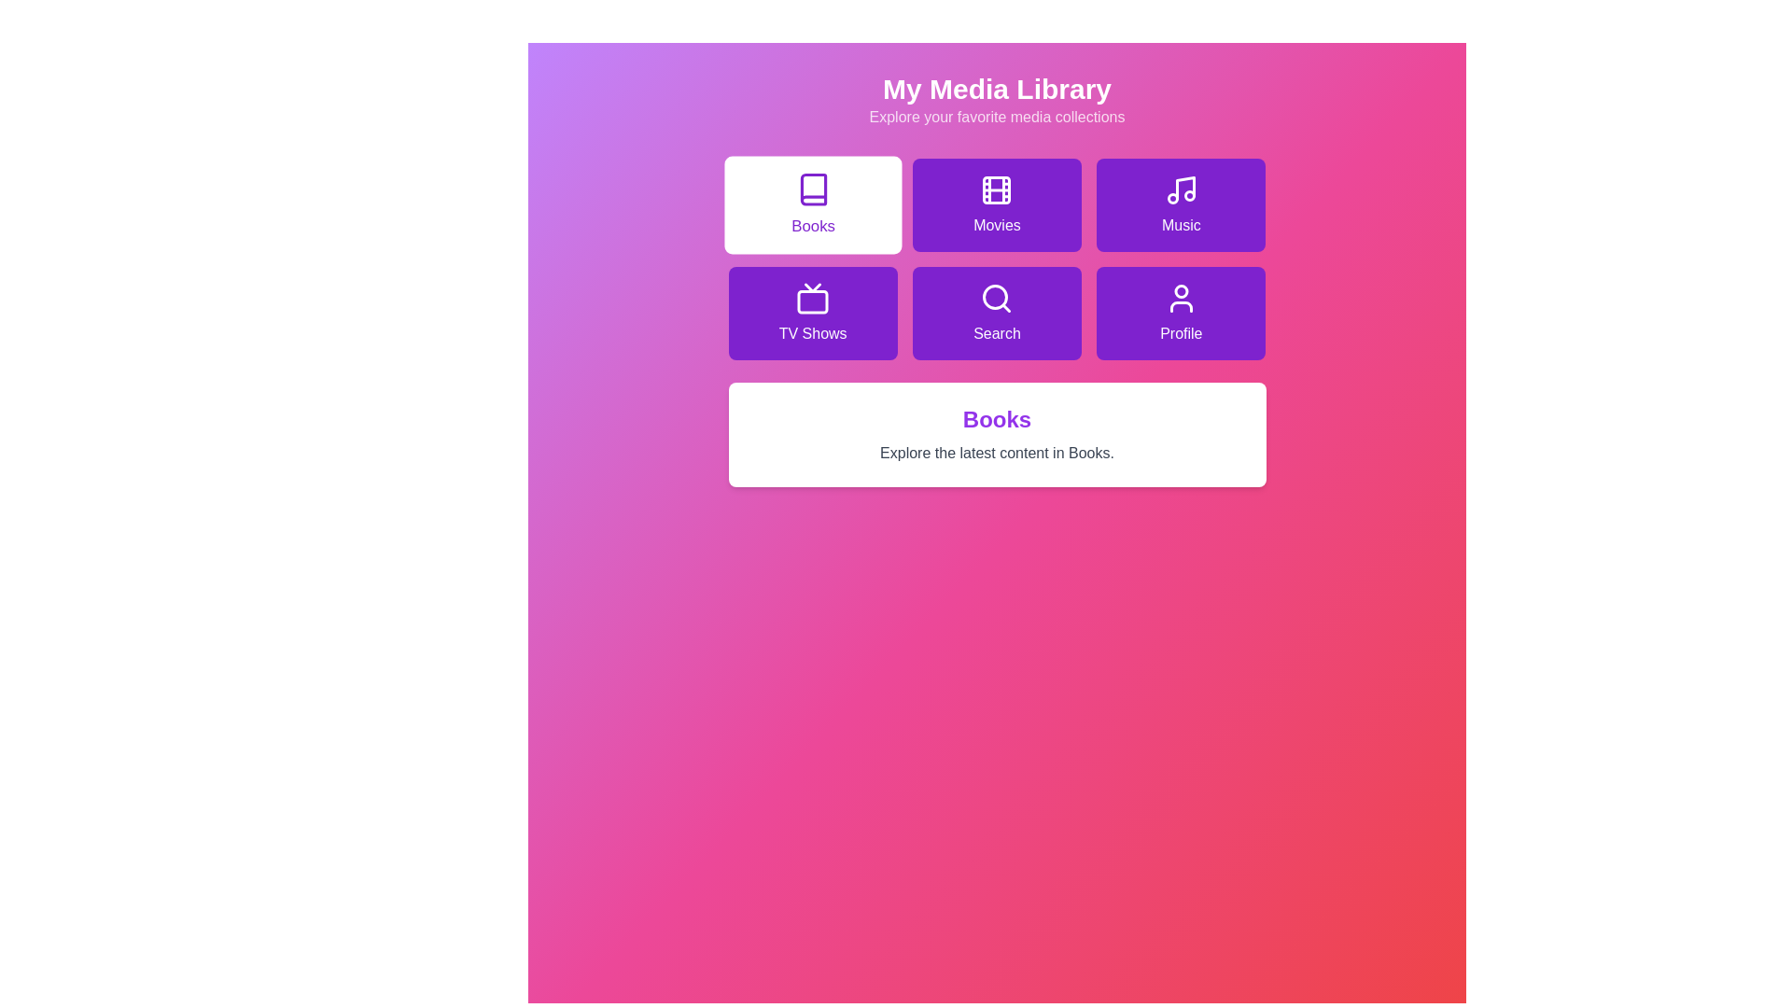 The image size is (1792, 1008). Describe the element at coordinates (996, 454) in the screenshot. I see `the text element stating 'Explore the latest content in Books.' which is located below the title 'Books' within a white card` at that location.